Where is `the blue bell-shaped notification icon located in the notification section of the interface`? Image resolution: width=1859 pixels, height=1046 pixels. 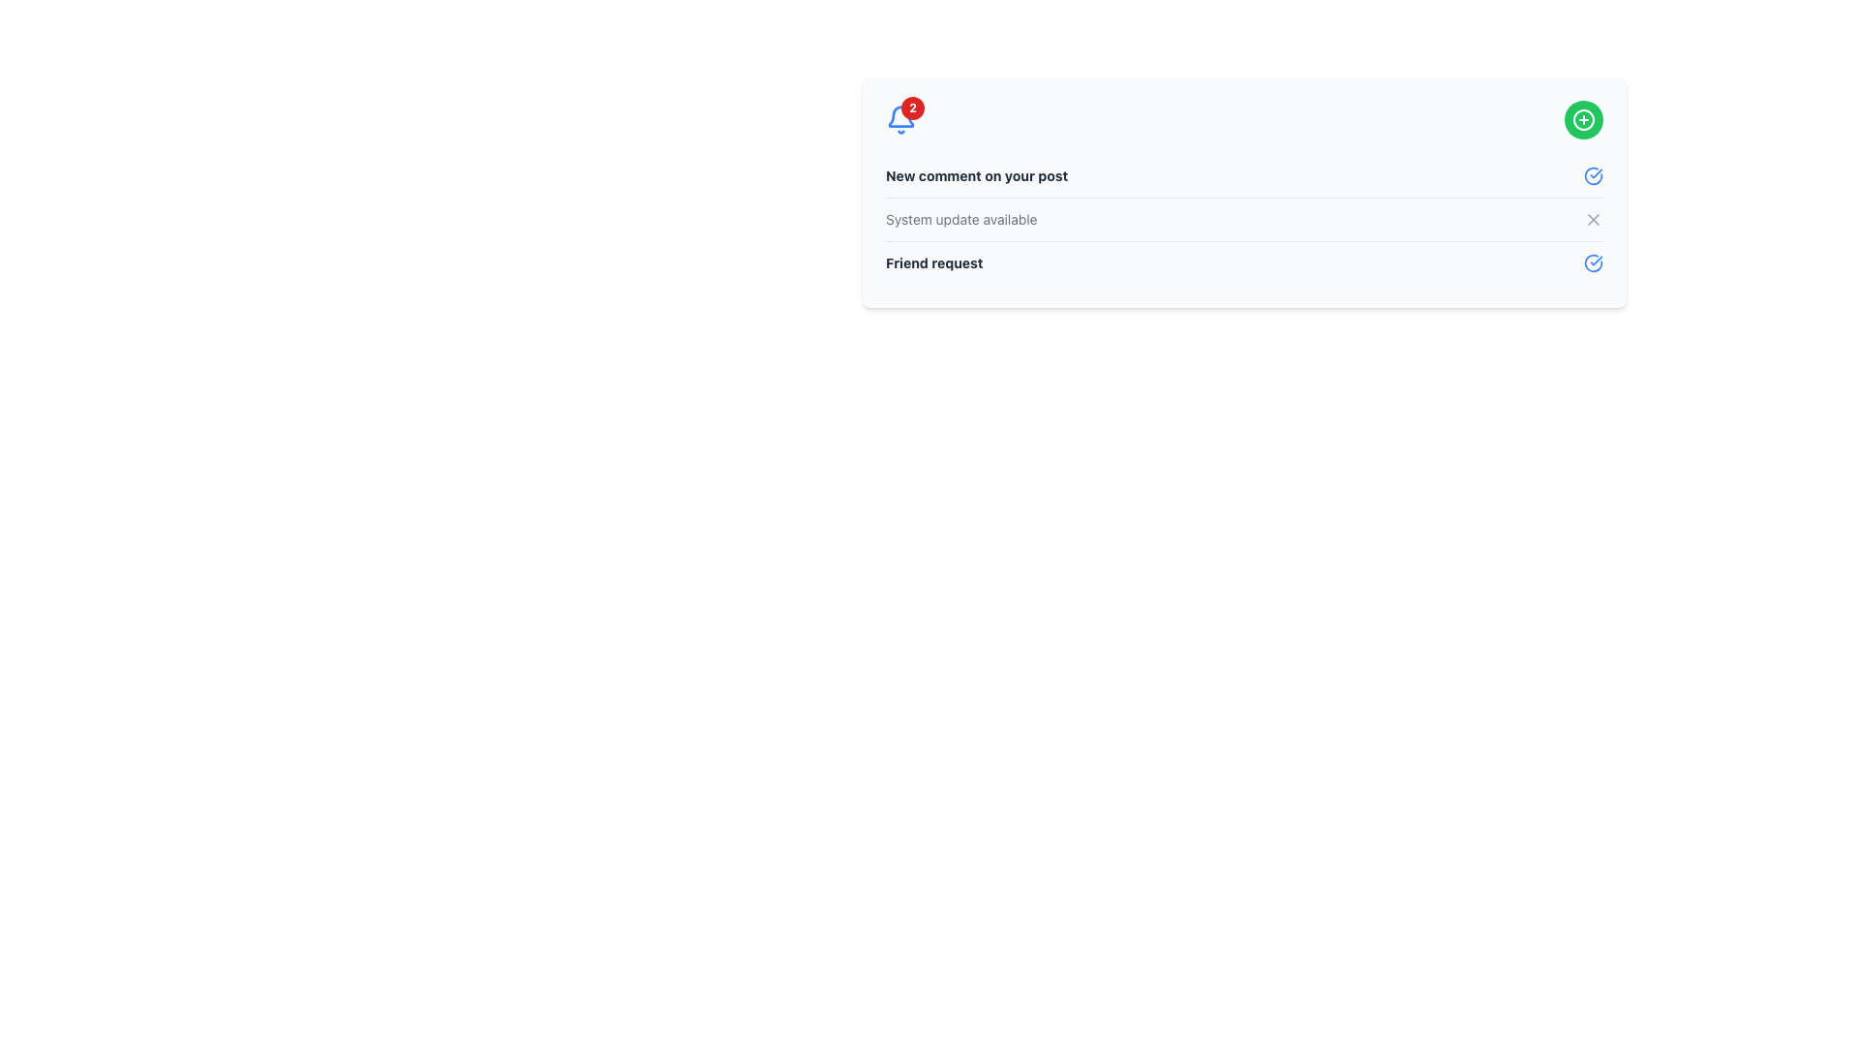 the blue bell-shaped notification icon located in the notification section of the interface is located at coordinates (900, 116).